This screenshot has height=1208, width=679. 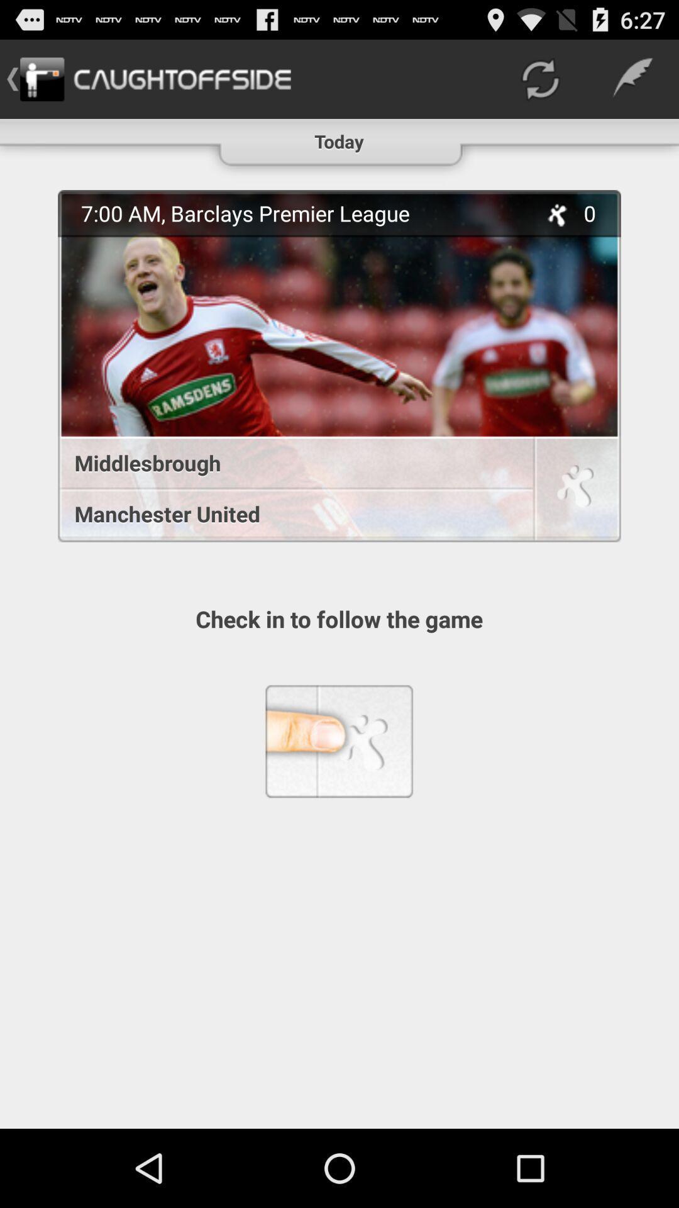 I want to click on item above the check in to item, so click(x=339, y=365).